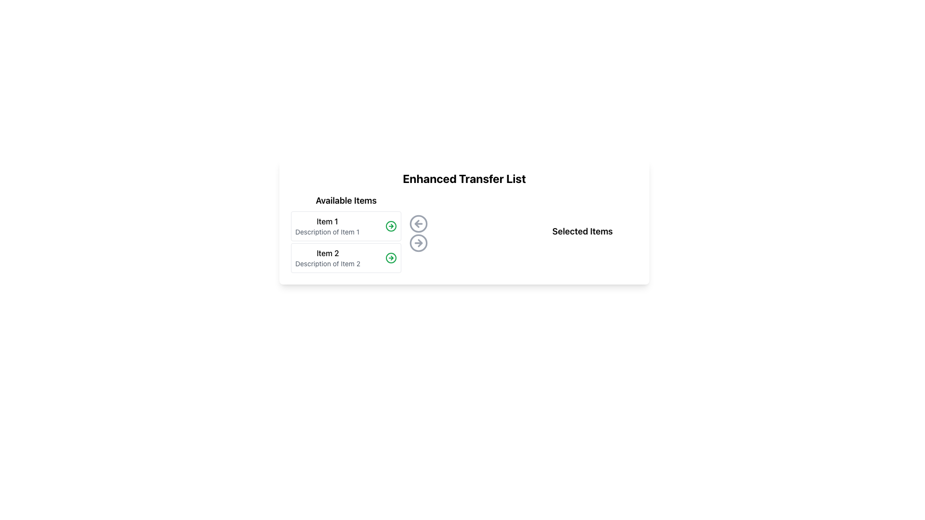 This screenshot has width=925, height=520. What do you see at coordinates (327, 232) in the screenshot?
I see `the static text label that provides supplementary information for 'Item 1', located in the upper-left section of the interface under 'Item 1'` at bounding box center [327, 232].